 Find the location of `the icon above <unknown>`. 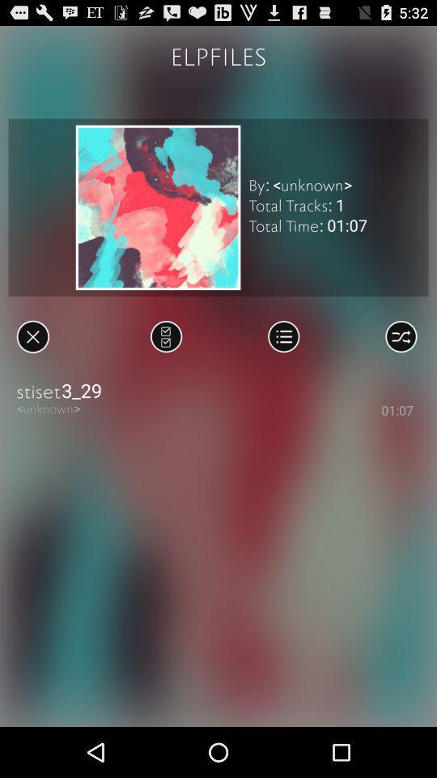

the icon above <unknown> is located at coordinates (218, 390).